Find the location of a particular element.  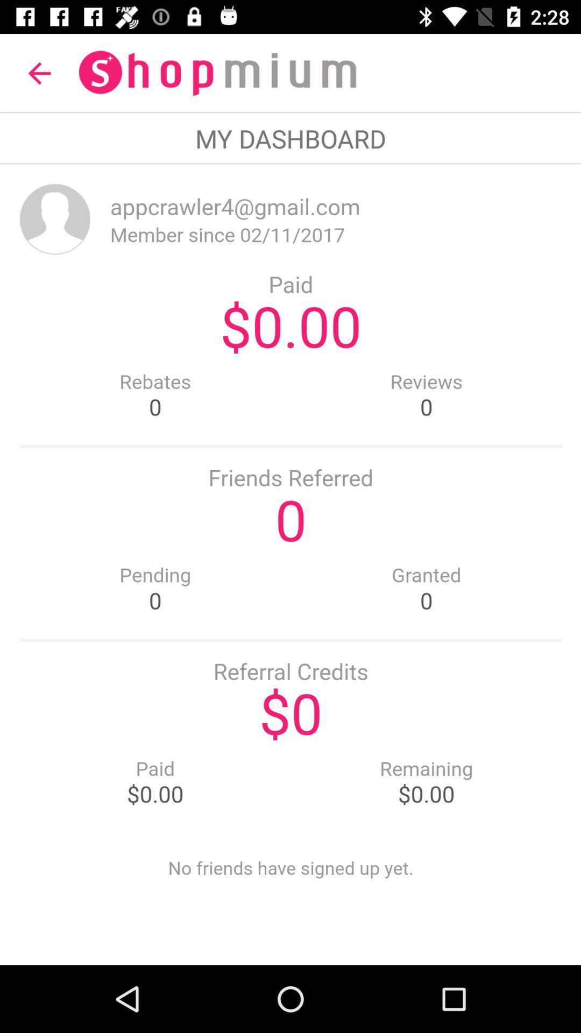

go back is located at coordinates (290, 564).